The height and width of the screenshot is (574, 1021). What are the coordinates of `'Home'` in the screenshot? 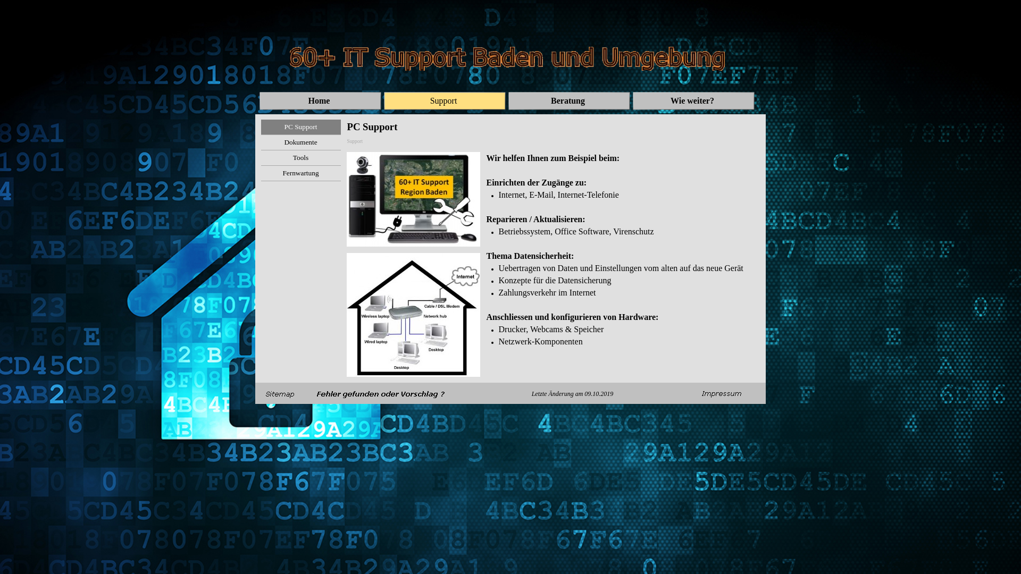 It's located at (320, 100).